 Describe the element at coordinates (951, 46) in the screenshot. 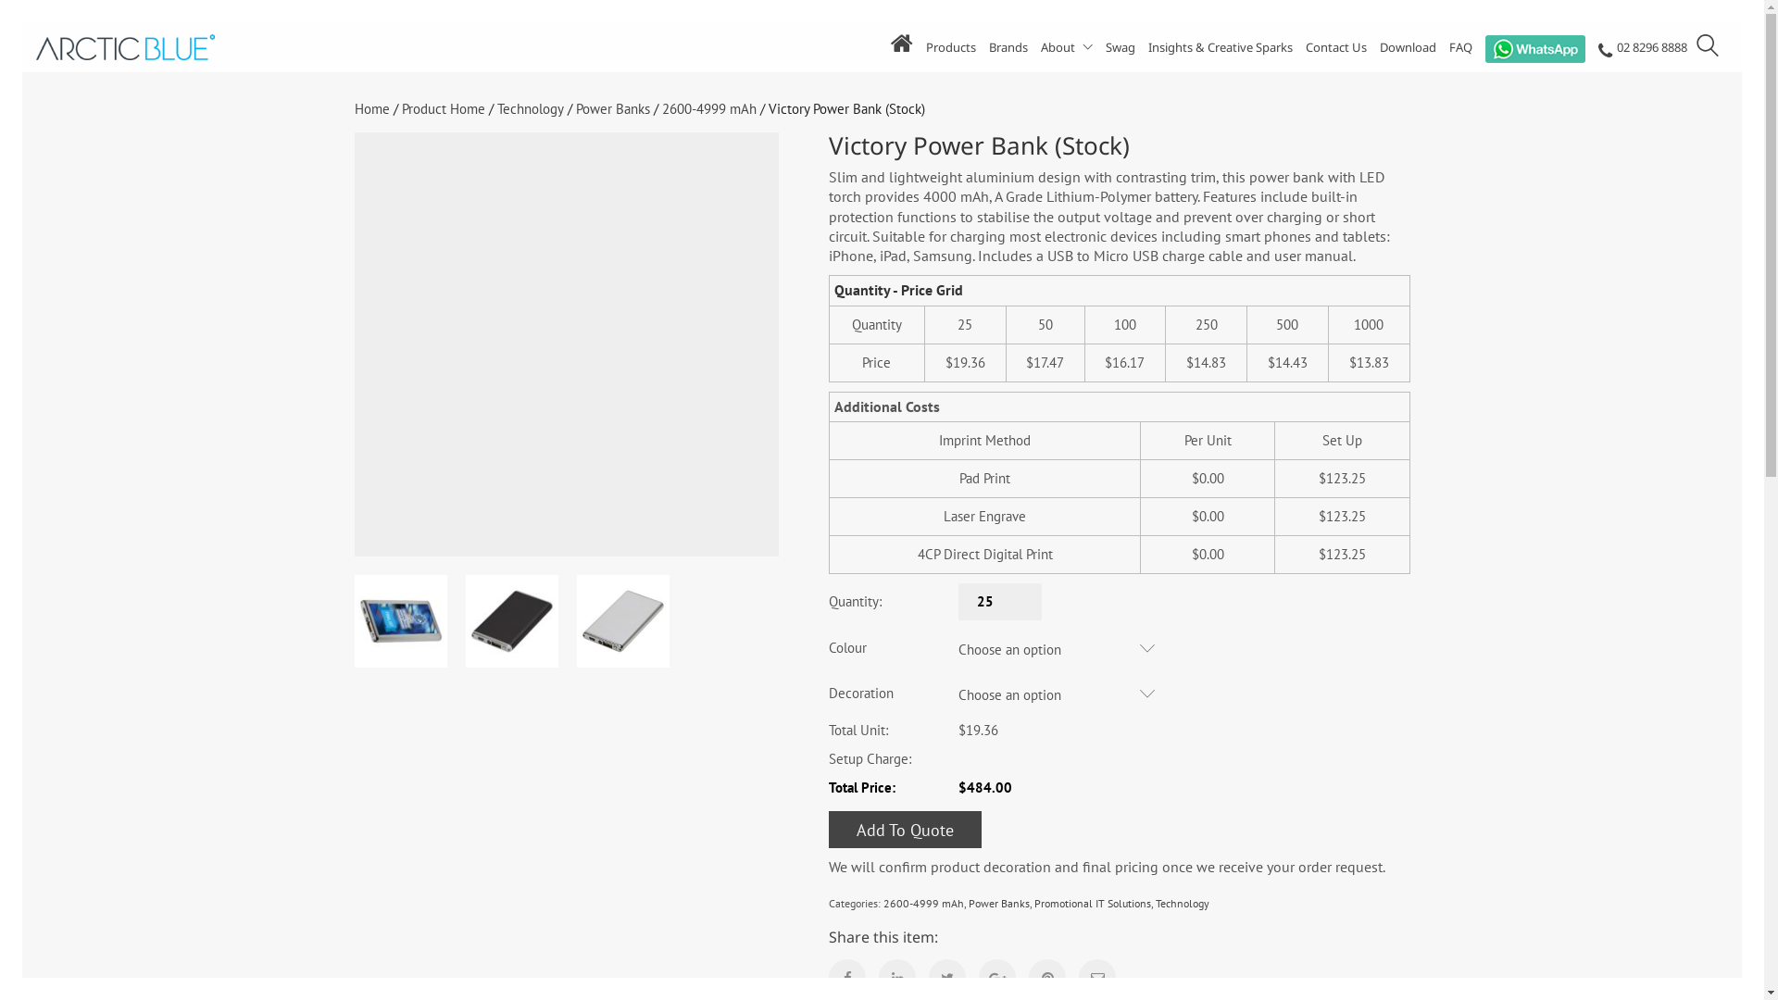

I see `'Products'` at that location.